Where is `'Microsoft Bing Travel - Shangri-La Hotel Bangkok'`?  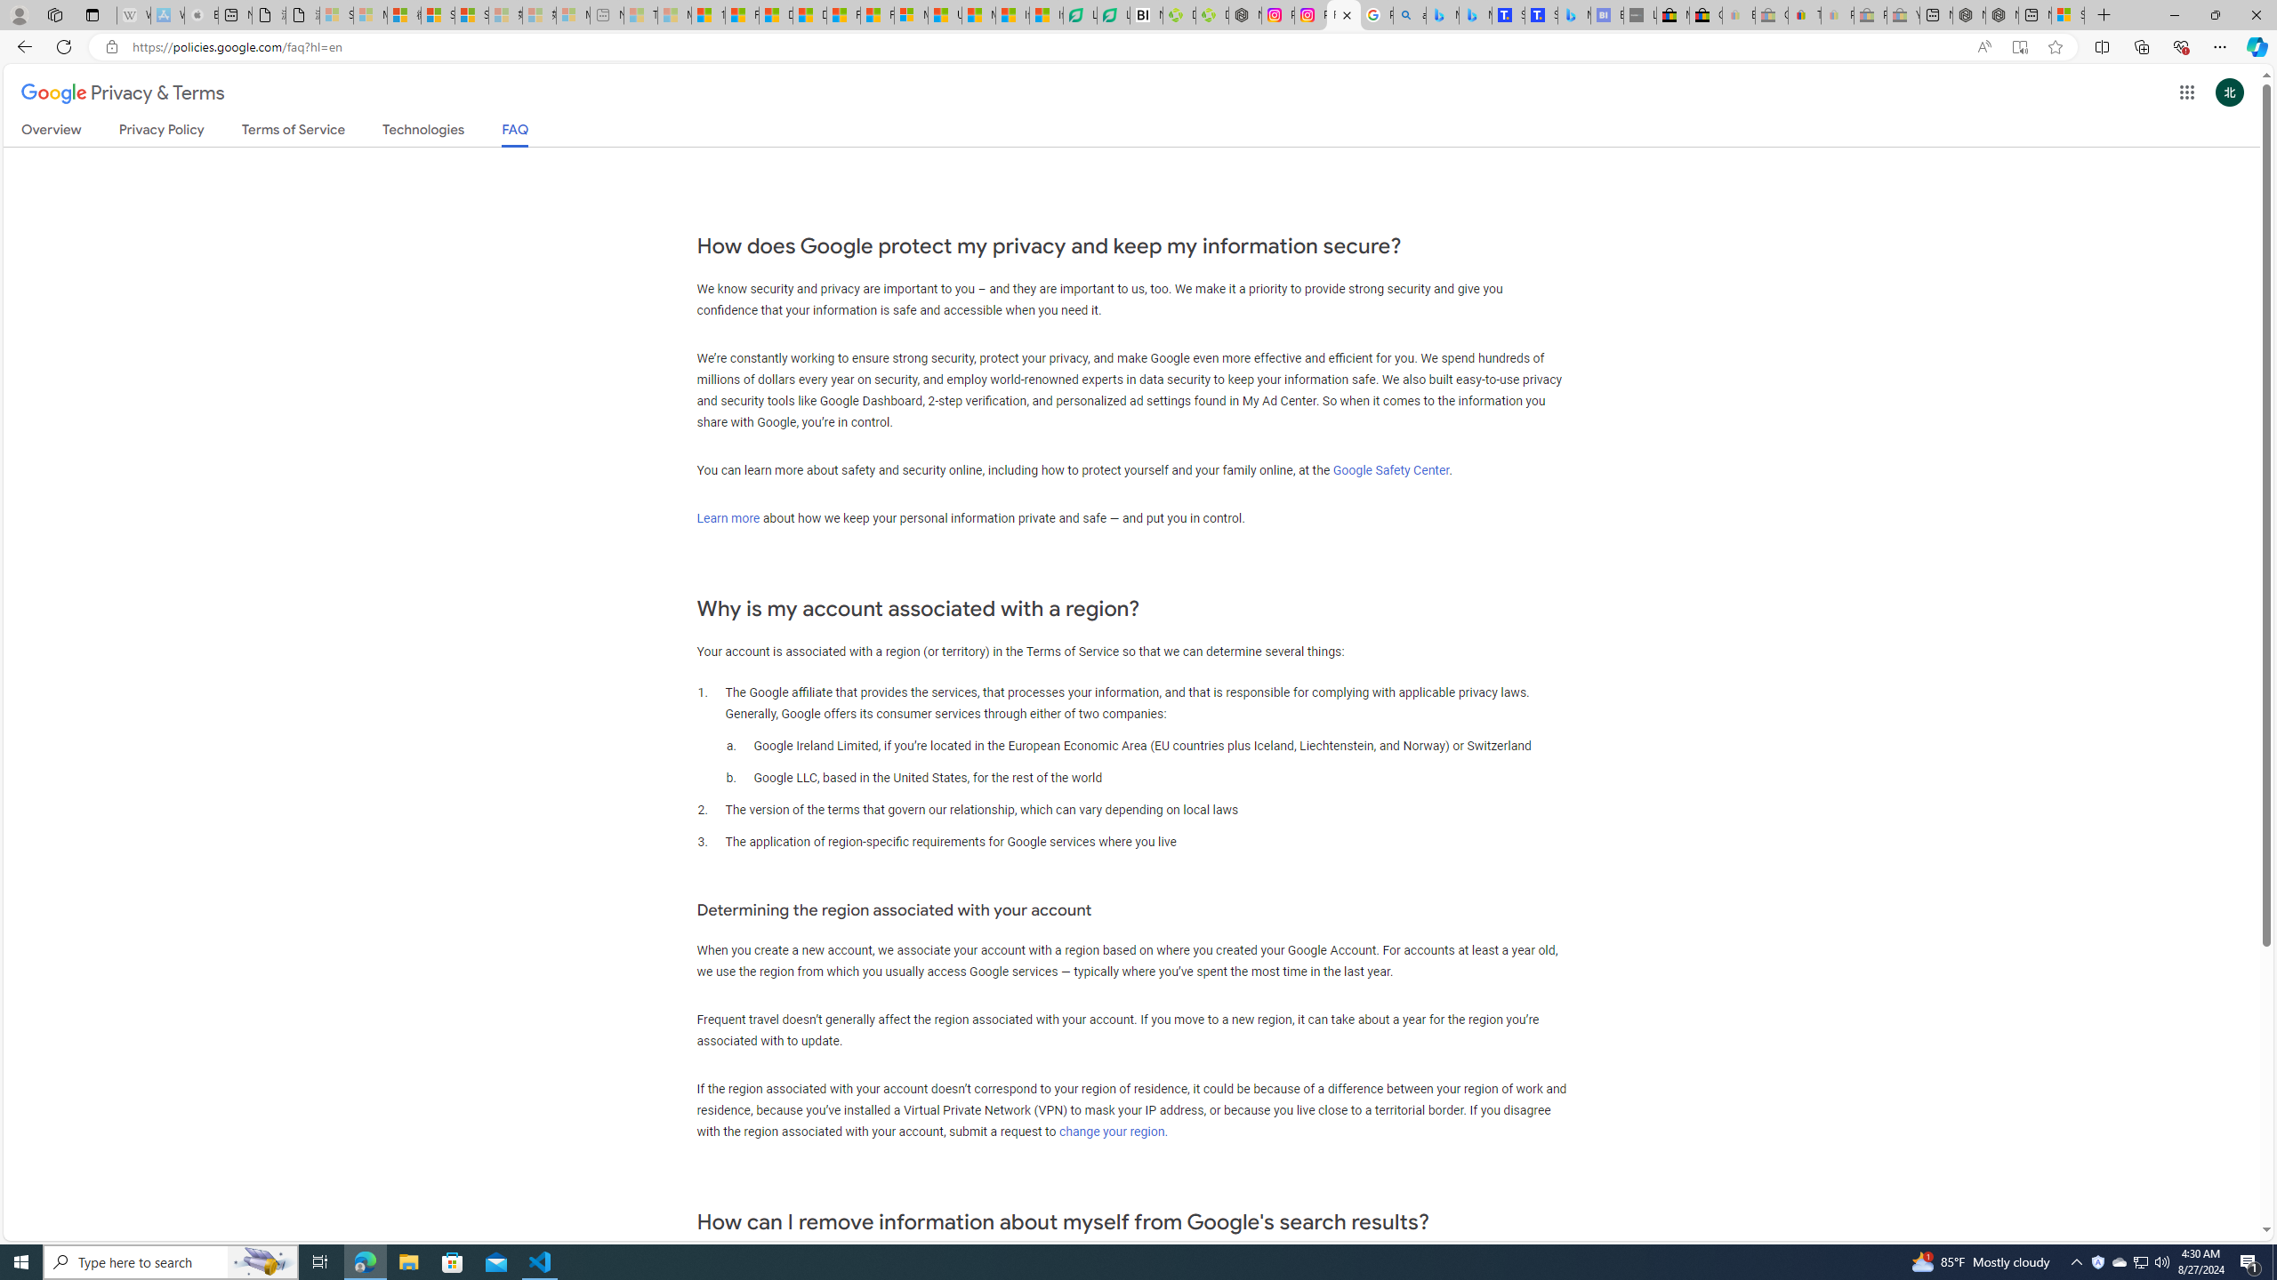 'Microsoft Bing Travel - Shangri-La Hotel Bangkok' is located at coordinates (1573, 14).